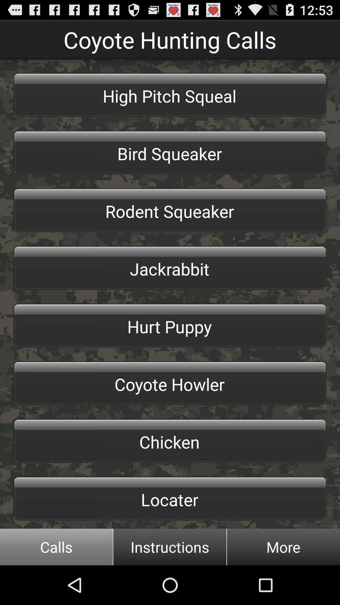 The width and height of the screenshot is (340, 605). I want to click on the jackrabbit item, so click(170, 268).